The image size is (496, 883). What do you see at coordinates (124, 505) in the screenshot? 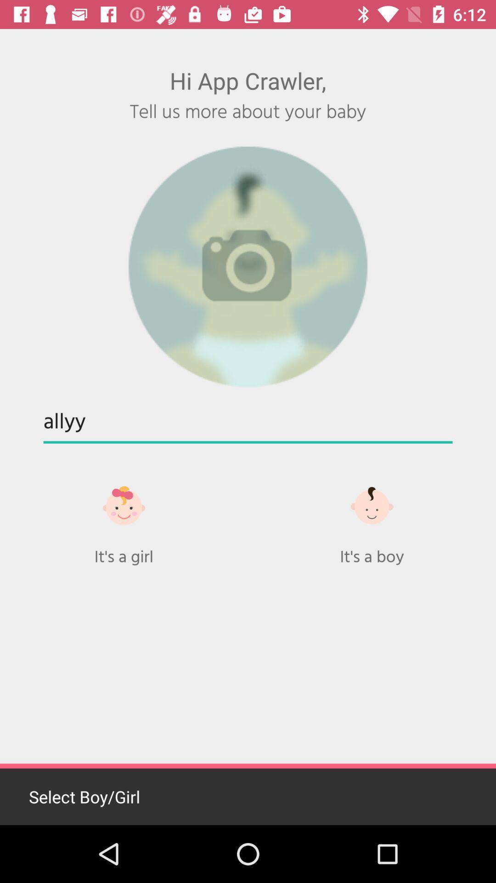
I see `the emoji icon` at bounding box center [124, 505].